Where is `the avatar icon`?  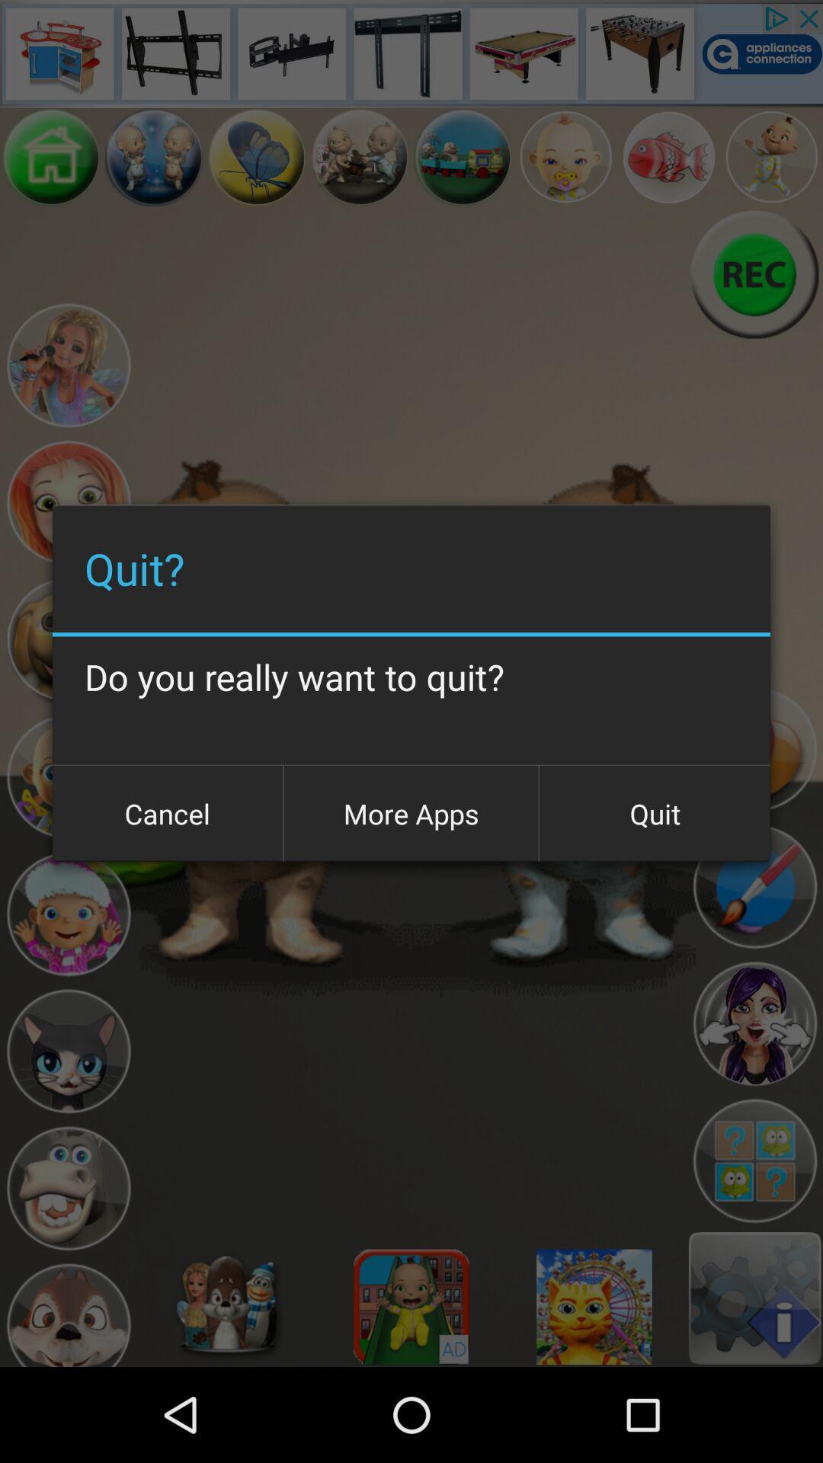
the avatar icon is located at coordinates (771, 168).